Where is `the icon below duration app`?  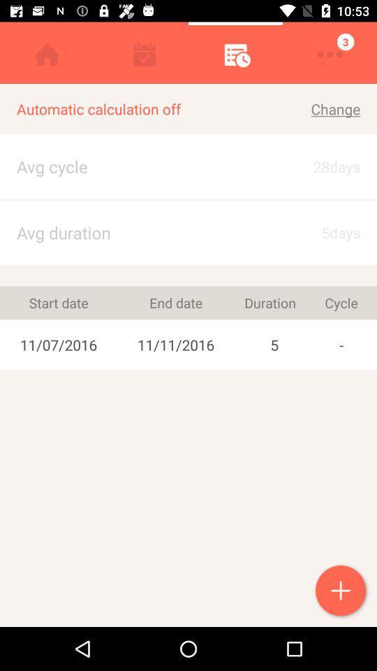 the icon below duration app is located at coordinates (274, 344).